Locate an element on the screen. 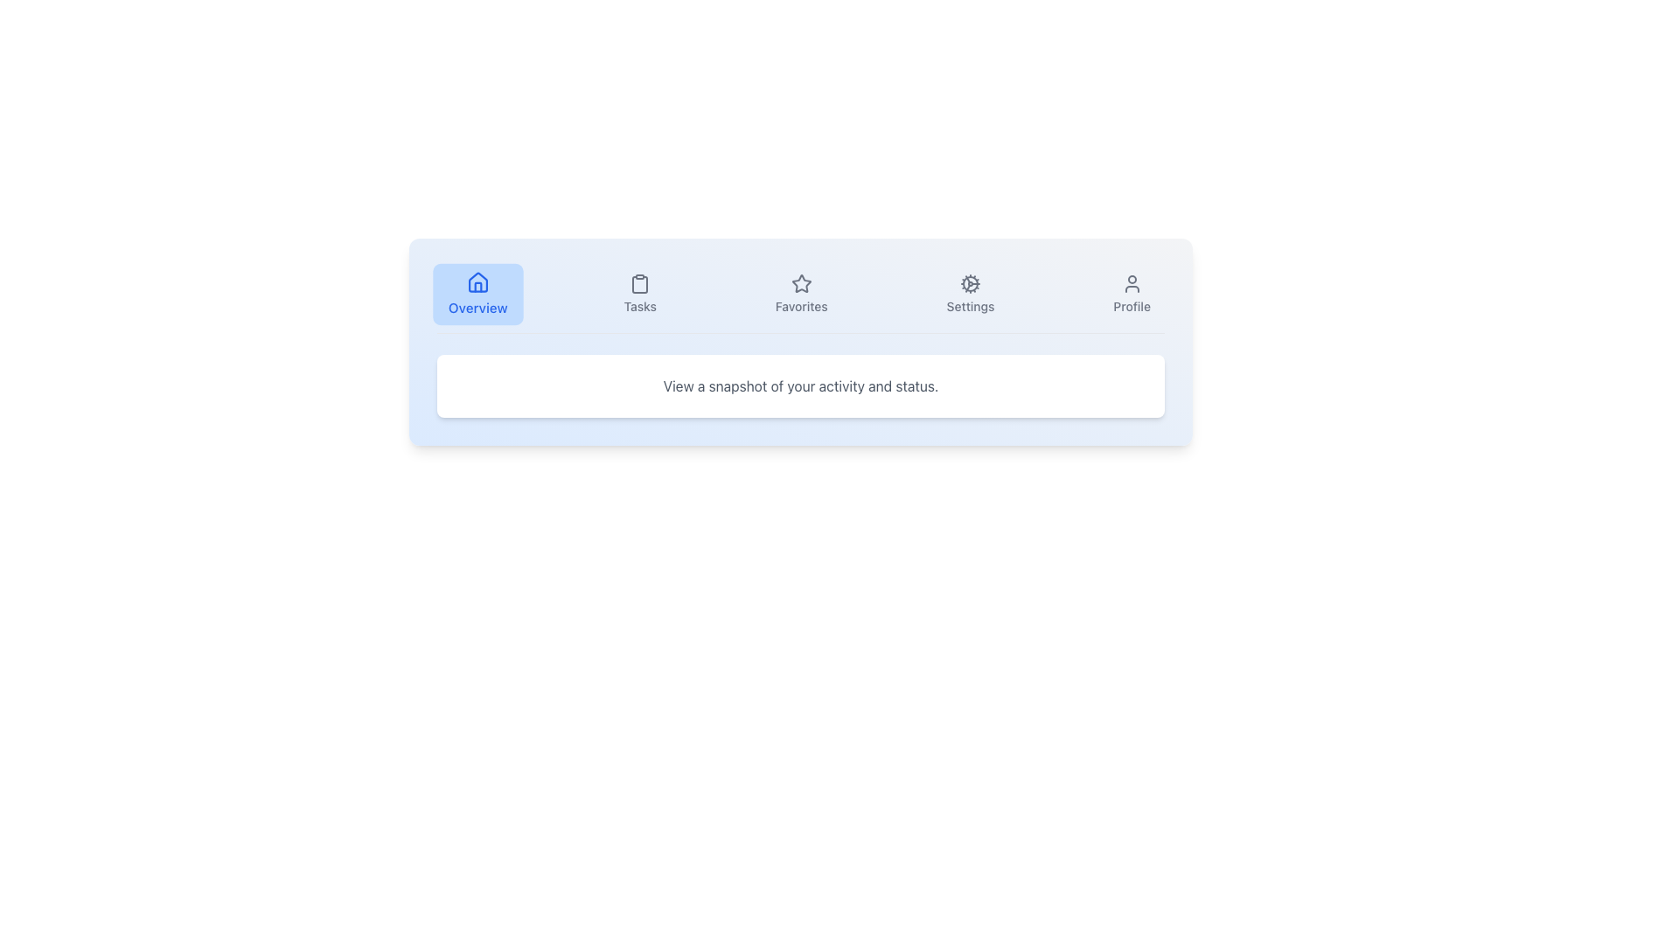 This screenshot has width=1679, height=944. text label that indicates the function of the associated house icon in the leftmost section of the horizontal navigation menu is located at coordinates (477, 307).